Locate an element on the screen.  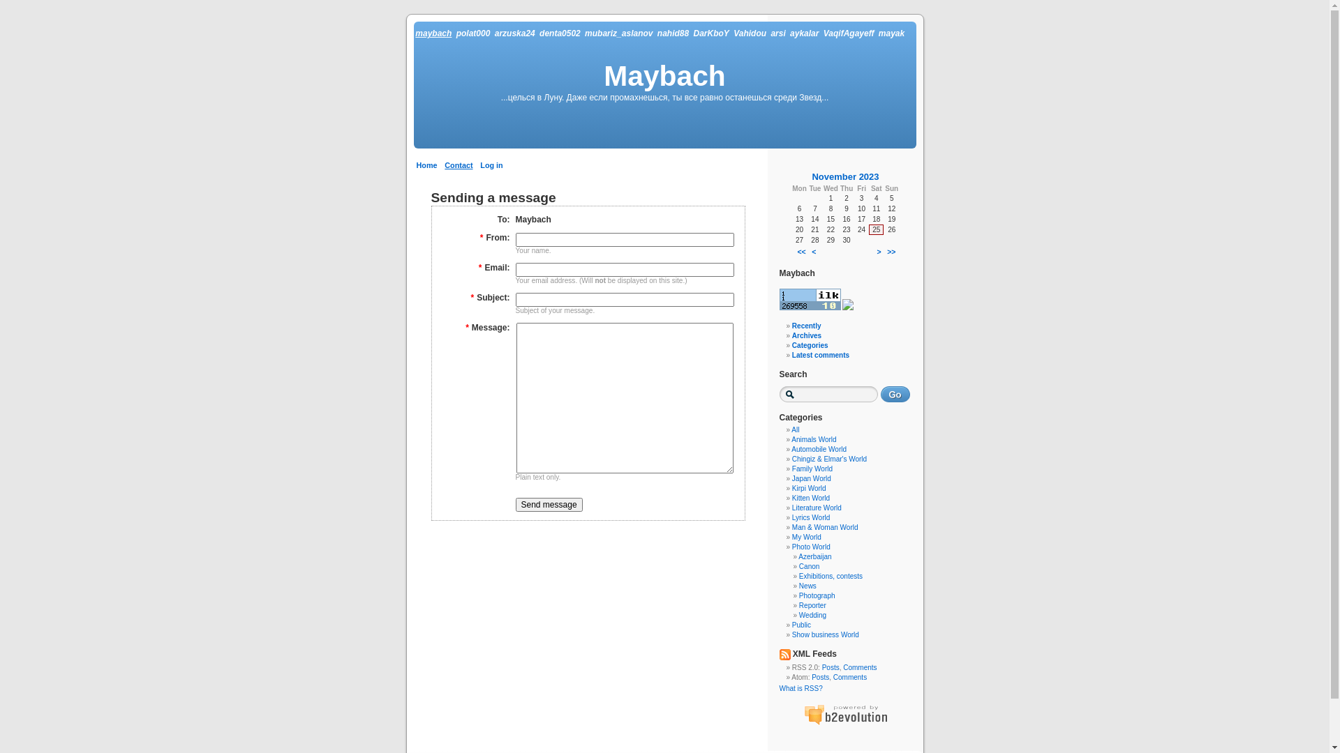
'Japan World' is located at coordinates (811, 478).